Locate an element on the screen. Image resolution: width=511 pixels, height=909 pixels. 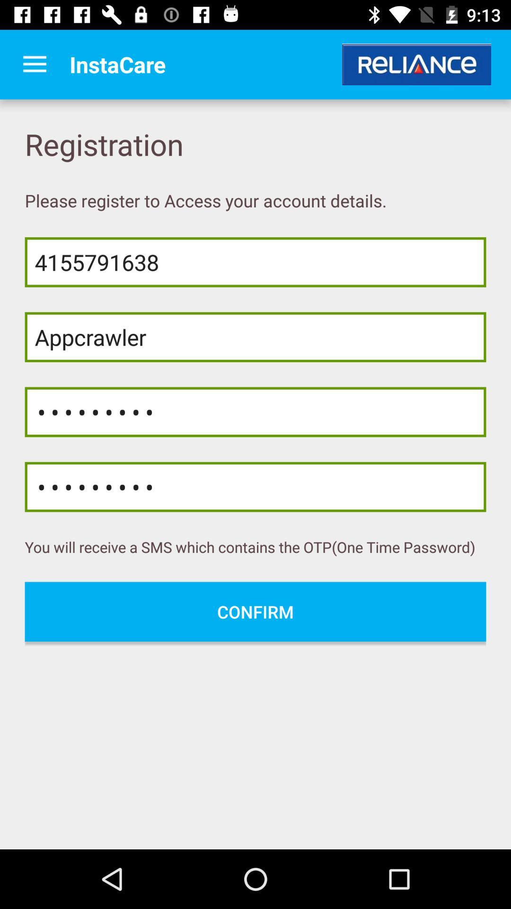
the confirm icon is located at coordinates (255, 612).